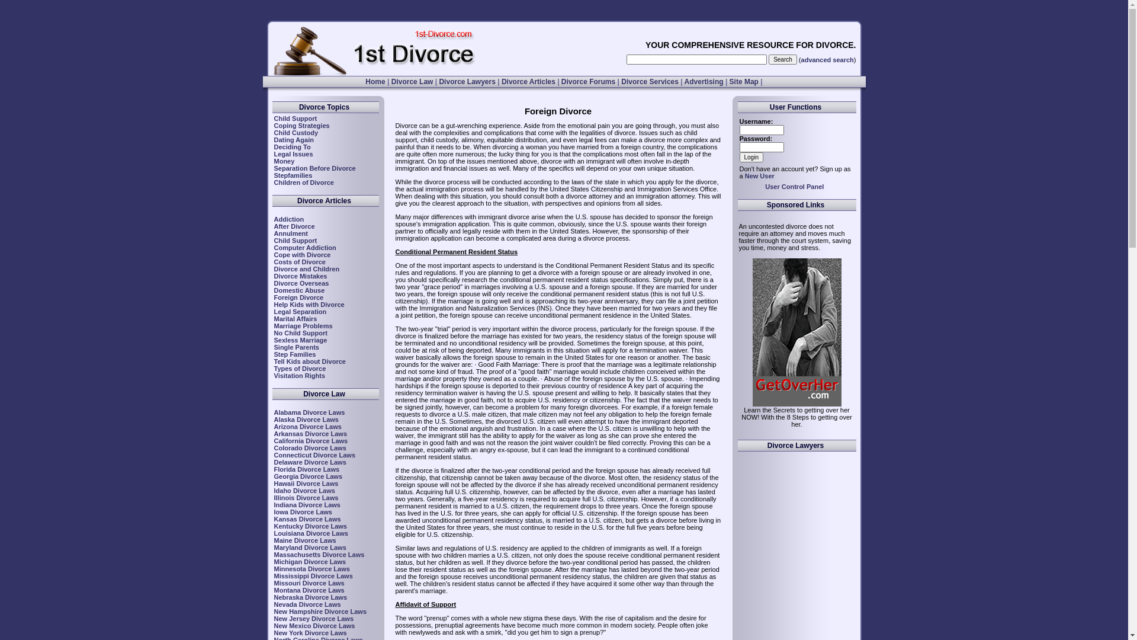  I want to click on 'Home', so click(365, 81).